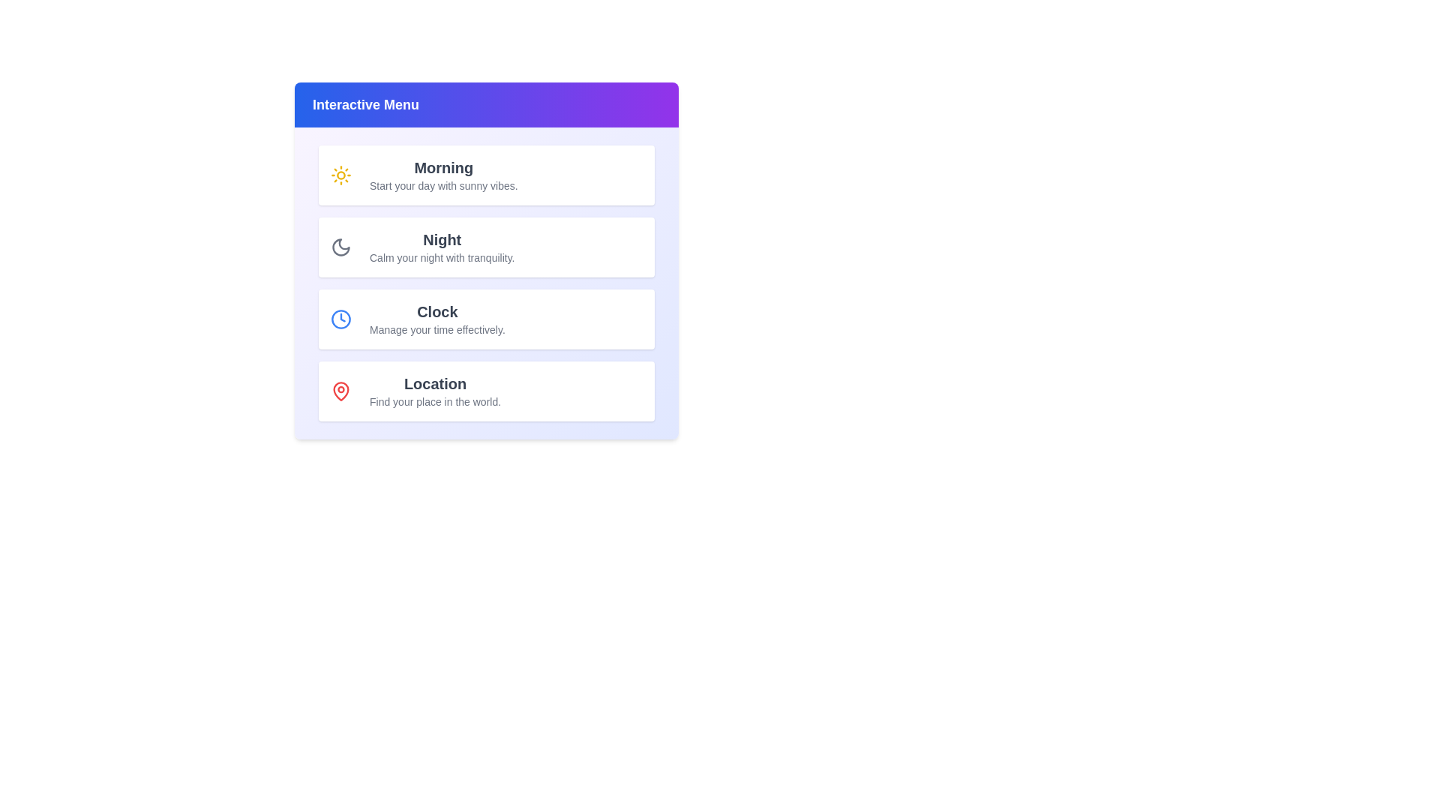 The width and height of the screenshot is (1440, 810). Describe the element at coordinates (486, 390) in the screenshot. I see `the Location menu item to select it` at that location.